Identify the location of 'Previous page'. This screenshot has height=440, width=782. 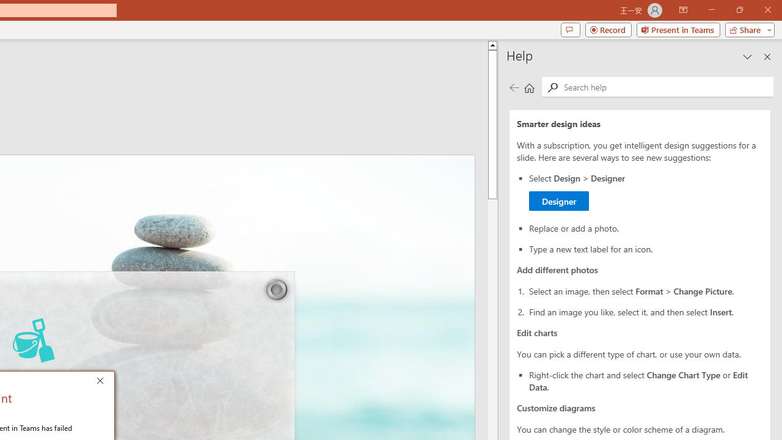
(514, 87).